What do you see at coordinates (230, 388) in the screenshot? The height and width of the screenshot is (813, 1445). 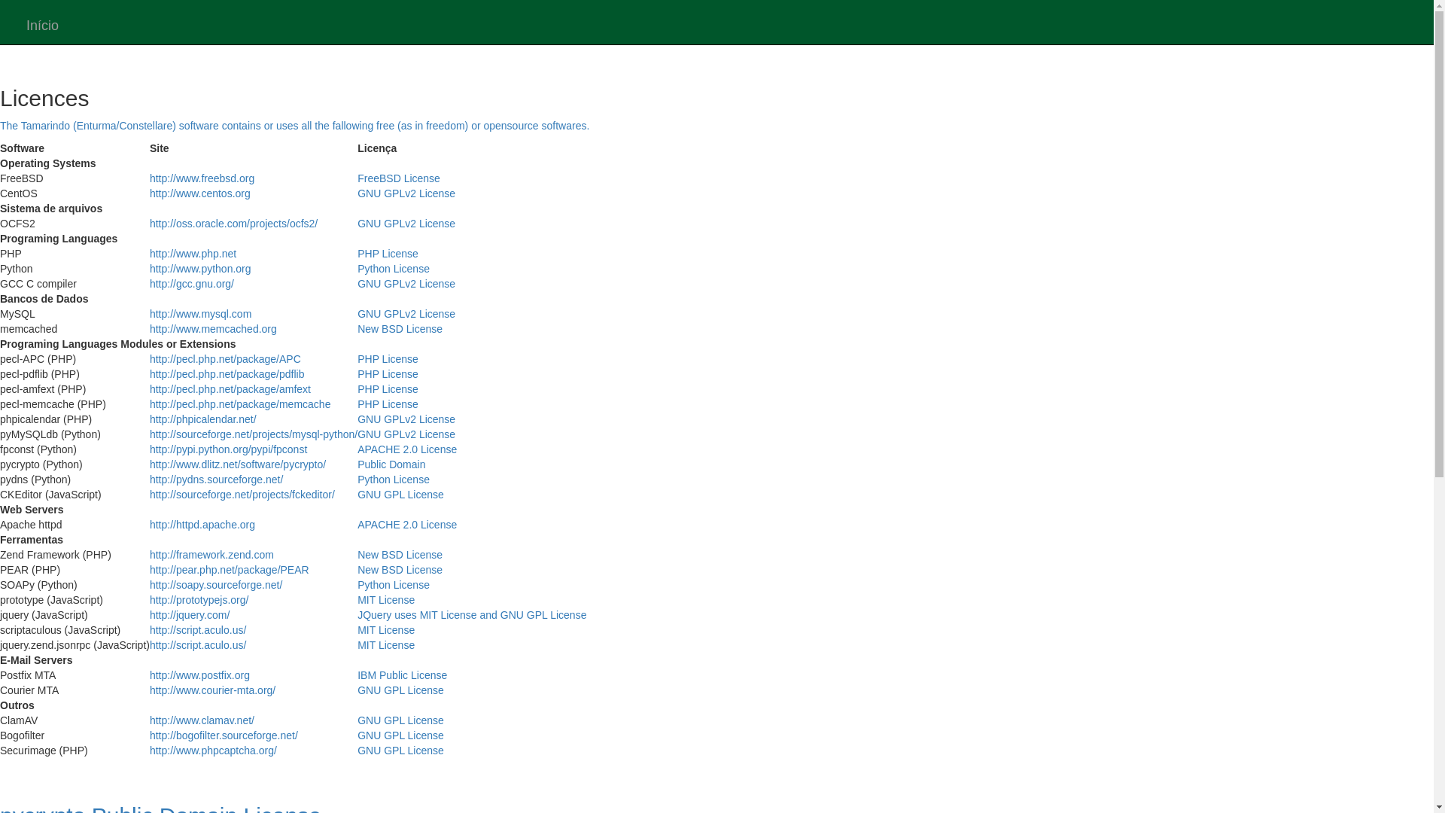 I see `'http://pecl.php.net/package/amfext'` at bounding box center [230, 388].